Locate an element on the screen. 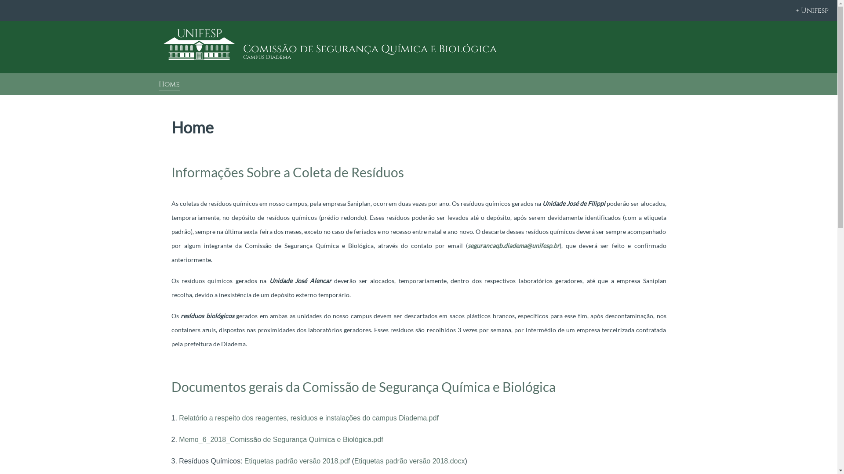 Image resolution: width=844 pixels, height=474 pixels. '+ Unifesp' is located at coordinates (418, 10).